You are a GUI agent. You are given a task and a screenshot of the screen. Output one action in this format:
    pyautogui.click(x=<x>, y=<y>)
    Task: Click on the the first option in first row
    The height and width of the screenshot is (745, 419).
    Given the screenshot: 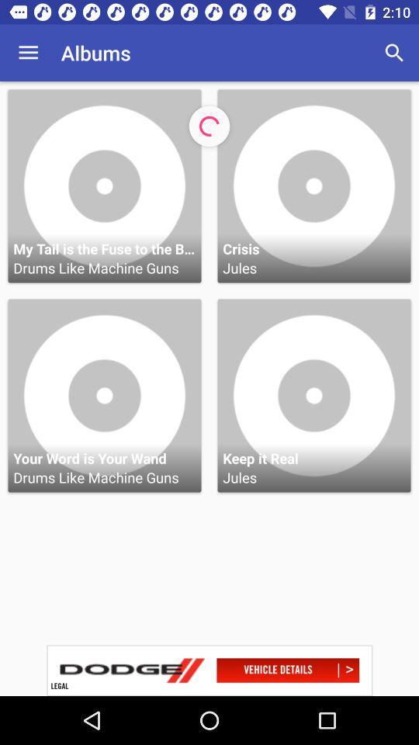 What is the action you would take?
    pyautogui.click(x=105, y=186)
    